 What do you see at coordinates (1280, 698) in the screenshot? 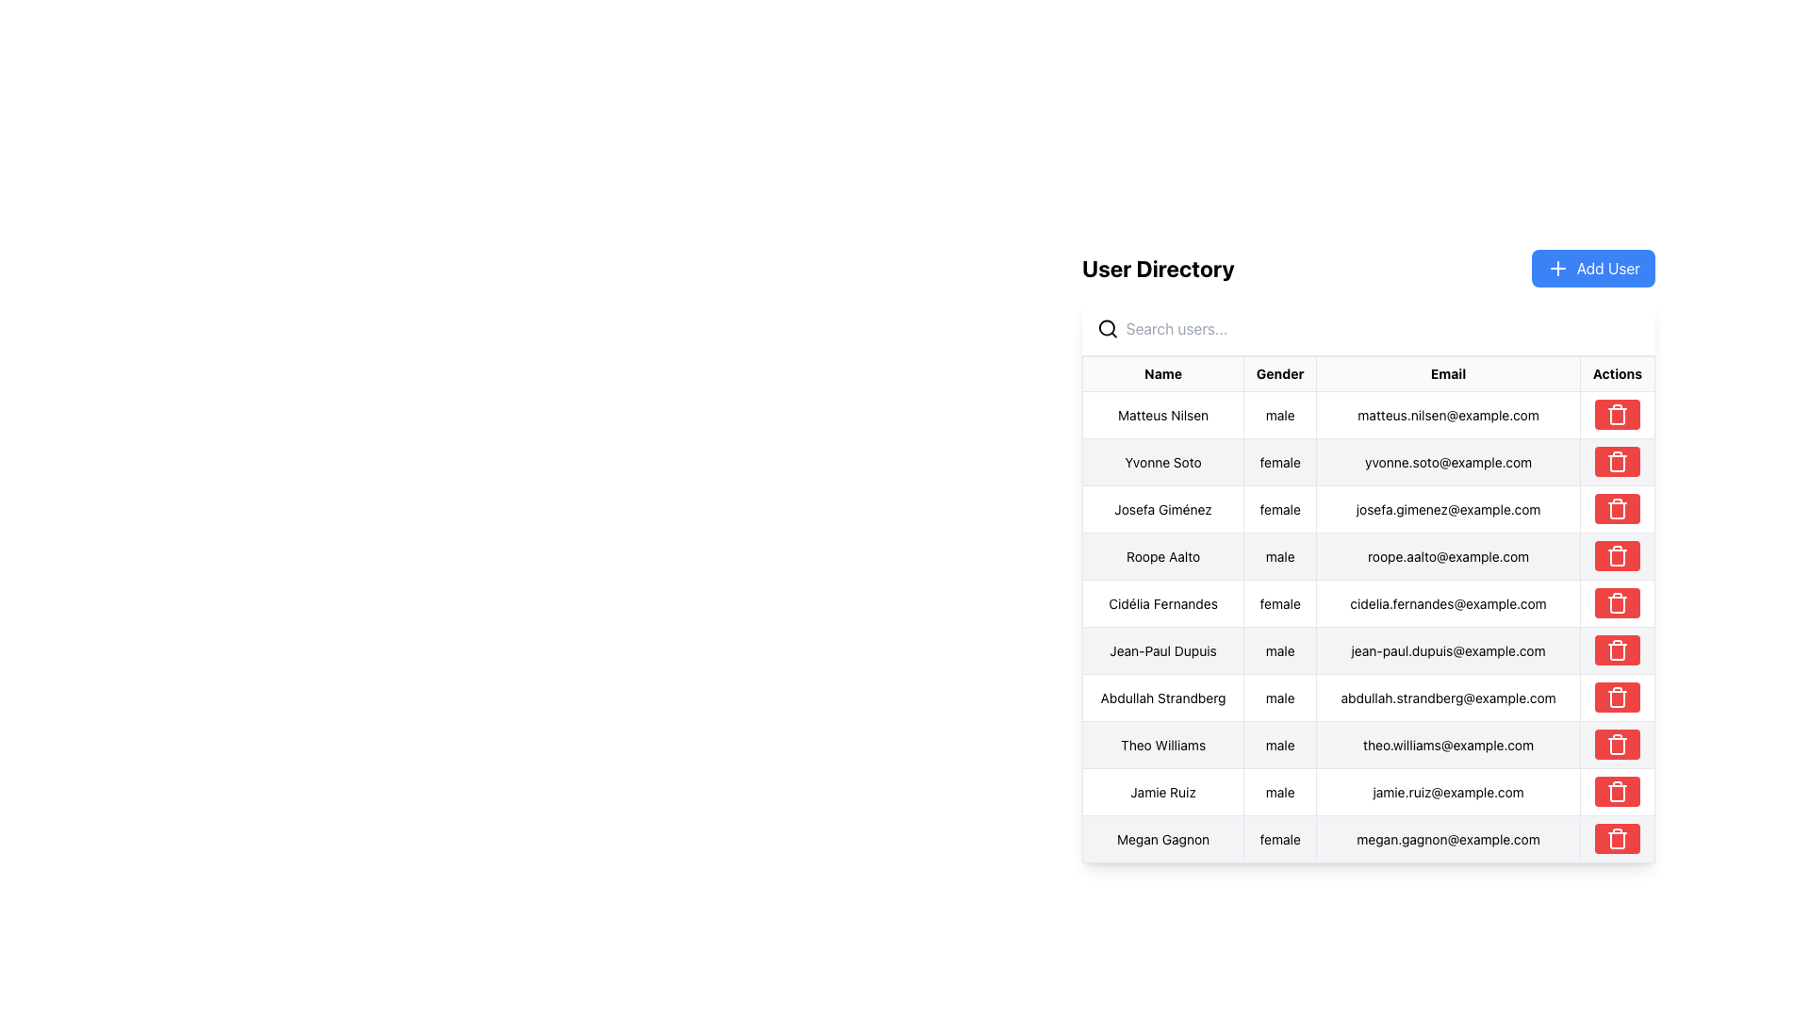
I see `the text label displaying the gender 'male' for the user 'Abdullah Strandberg' located in the 'Gender' column of the seventh row in the user table` at bounding box center [1280, 698].